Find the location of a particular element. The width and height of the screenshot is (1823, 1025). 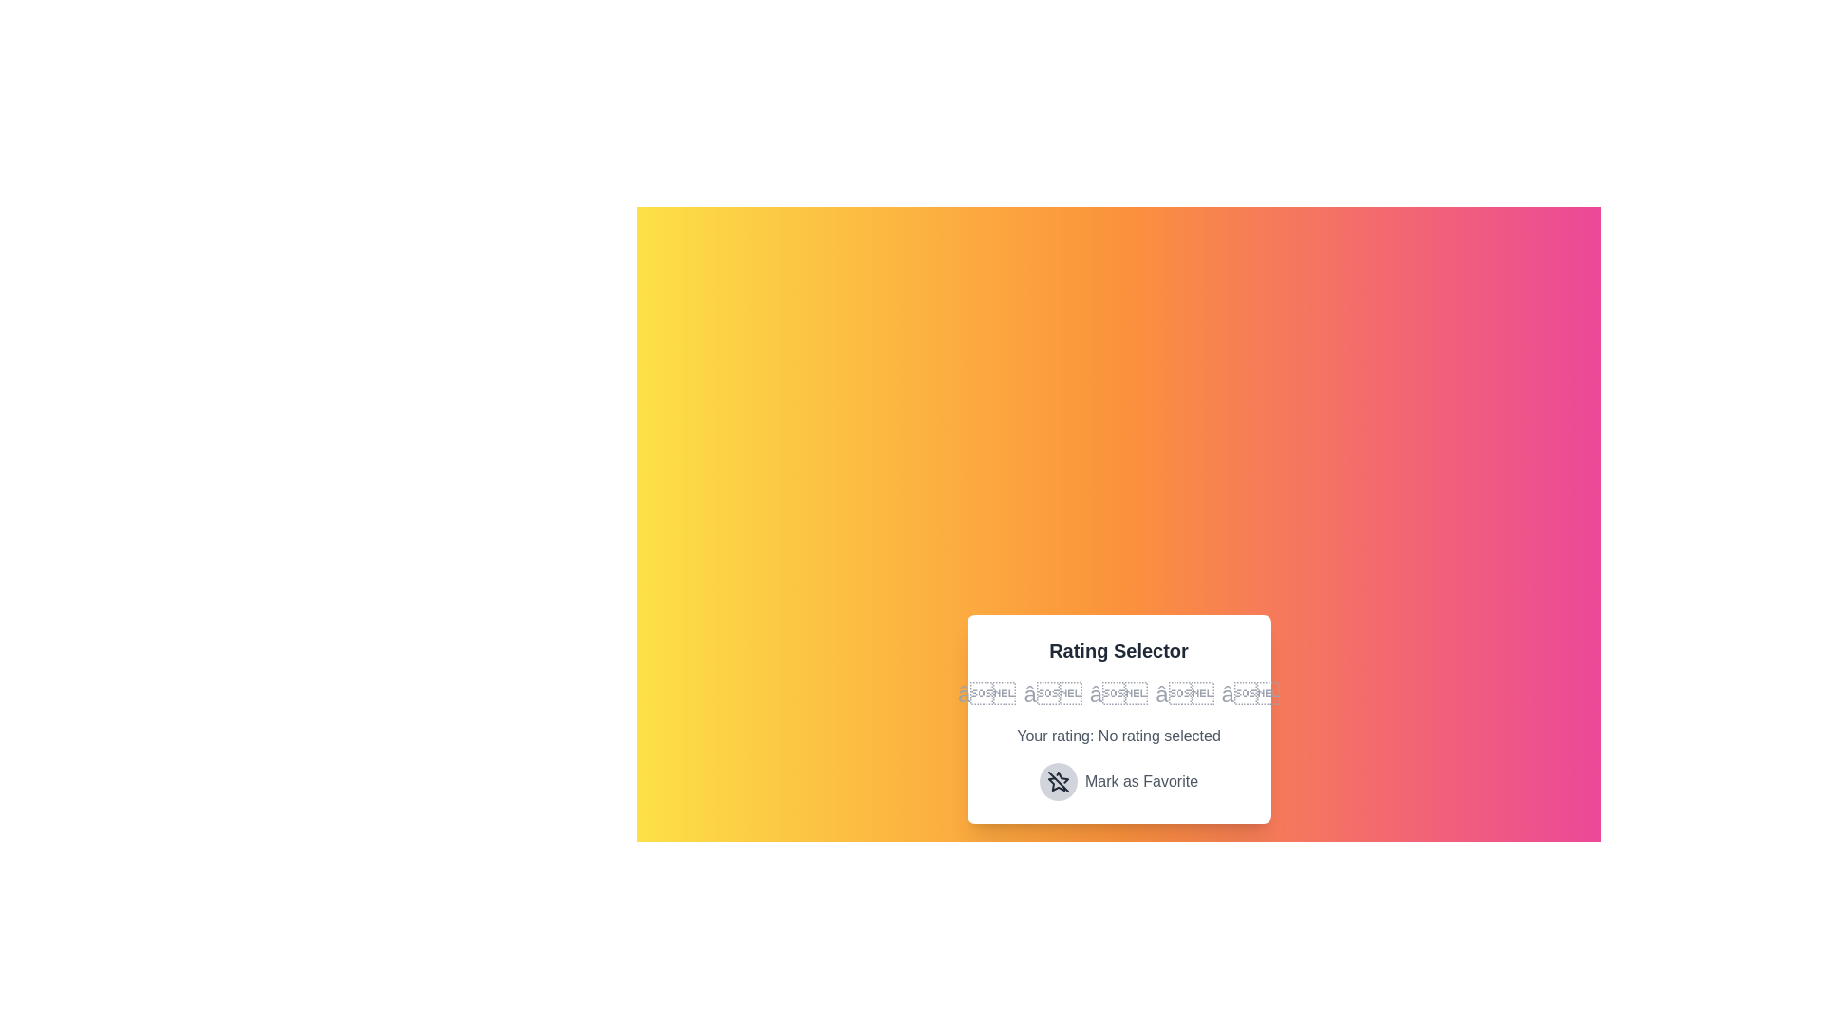

the fifth selectable rating star icon to give a rating is located at coordinates (1250, 695).